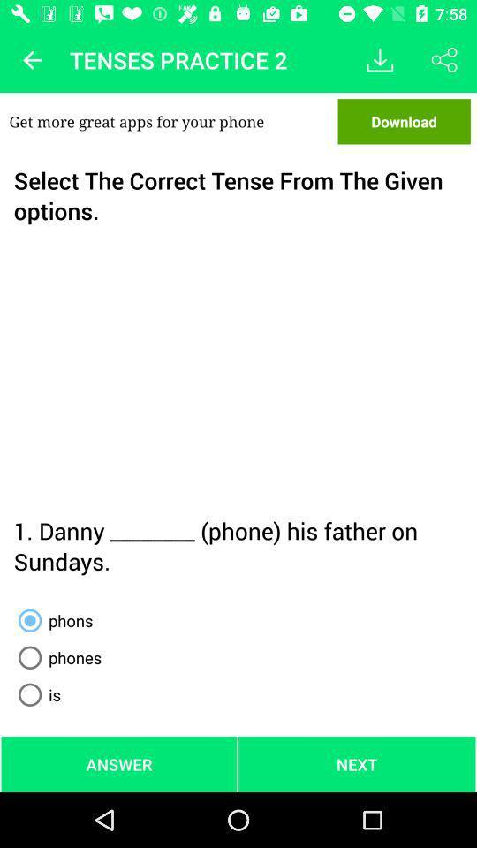  Describe the element at coordinates (57, 656) in the screenshot. I see `the item above the is radio button` at that location.